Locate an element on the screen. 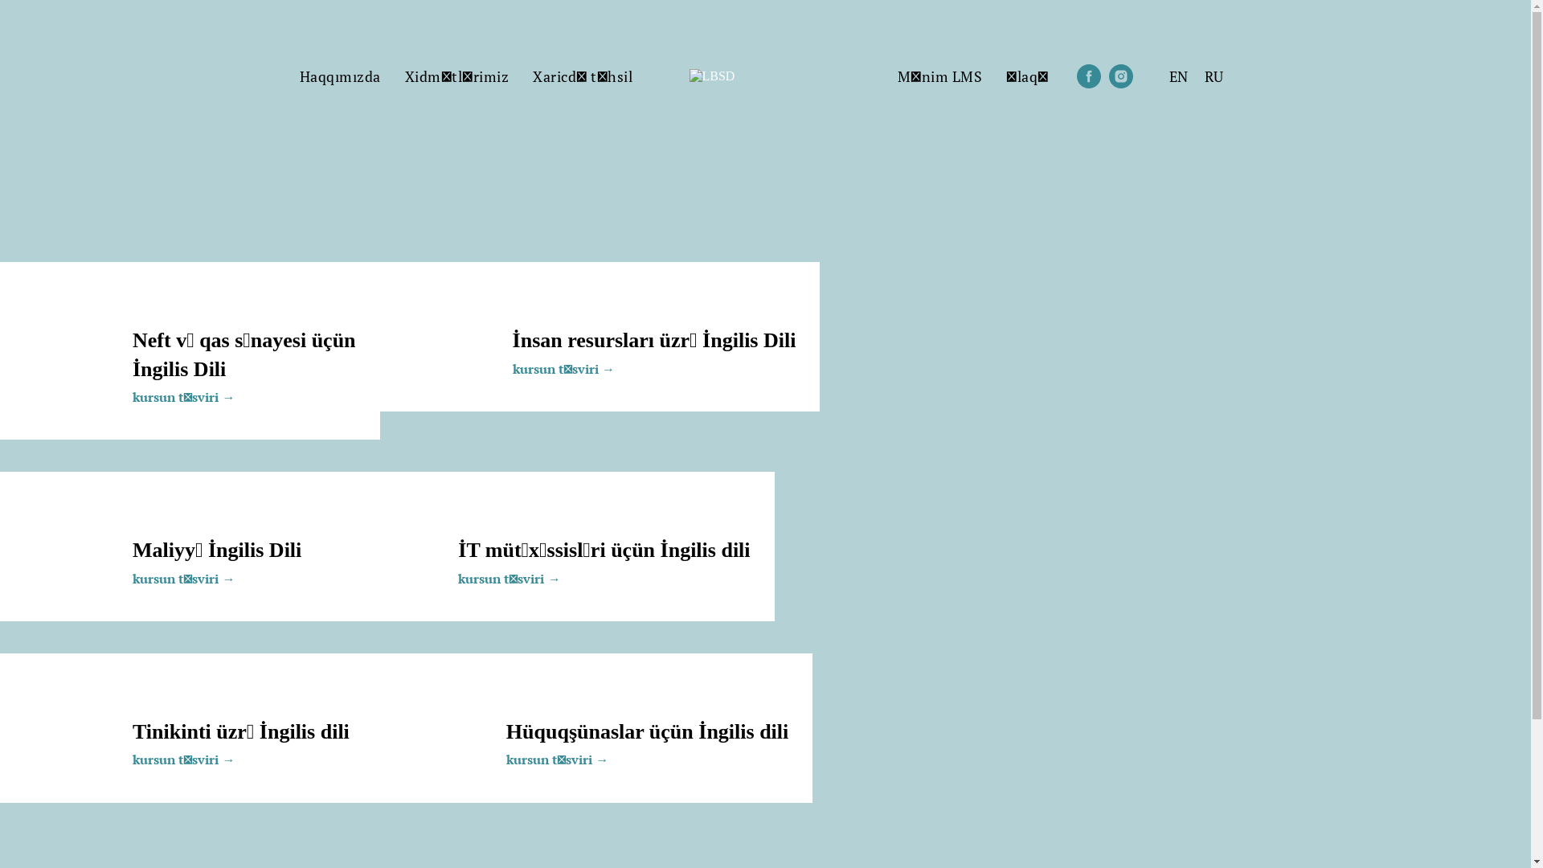 The width and height of the screenshot is (1543, 868). 'EN' is located at coordinates (1177, 76).